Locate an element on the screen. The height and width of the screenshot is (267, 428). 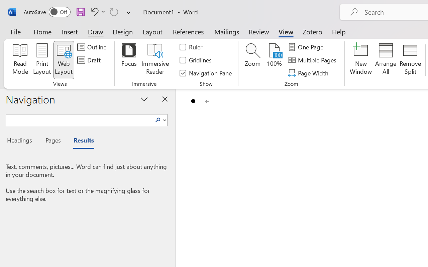
'Results' is located at coordinates (80, 141).